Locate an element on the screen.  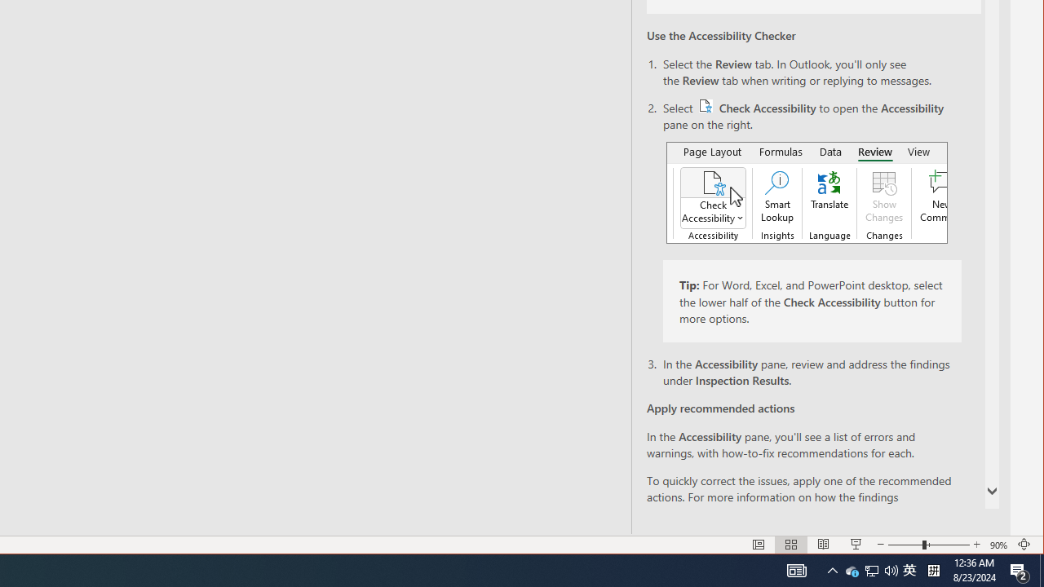
'Zoom 90%' is located at coordinates (998, 545).